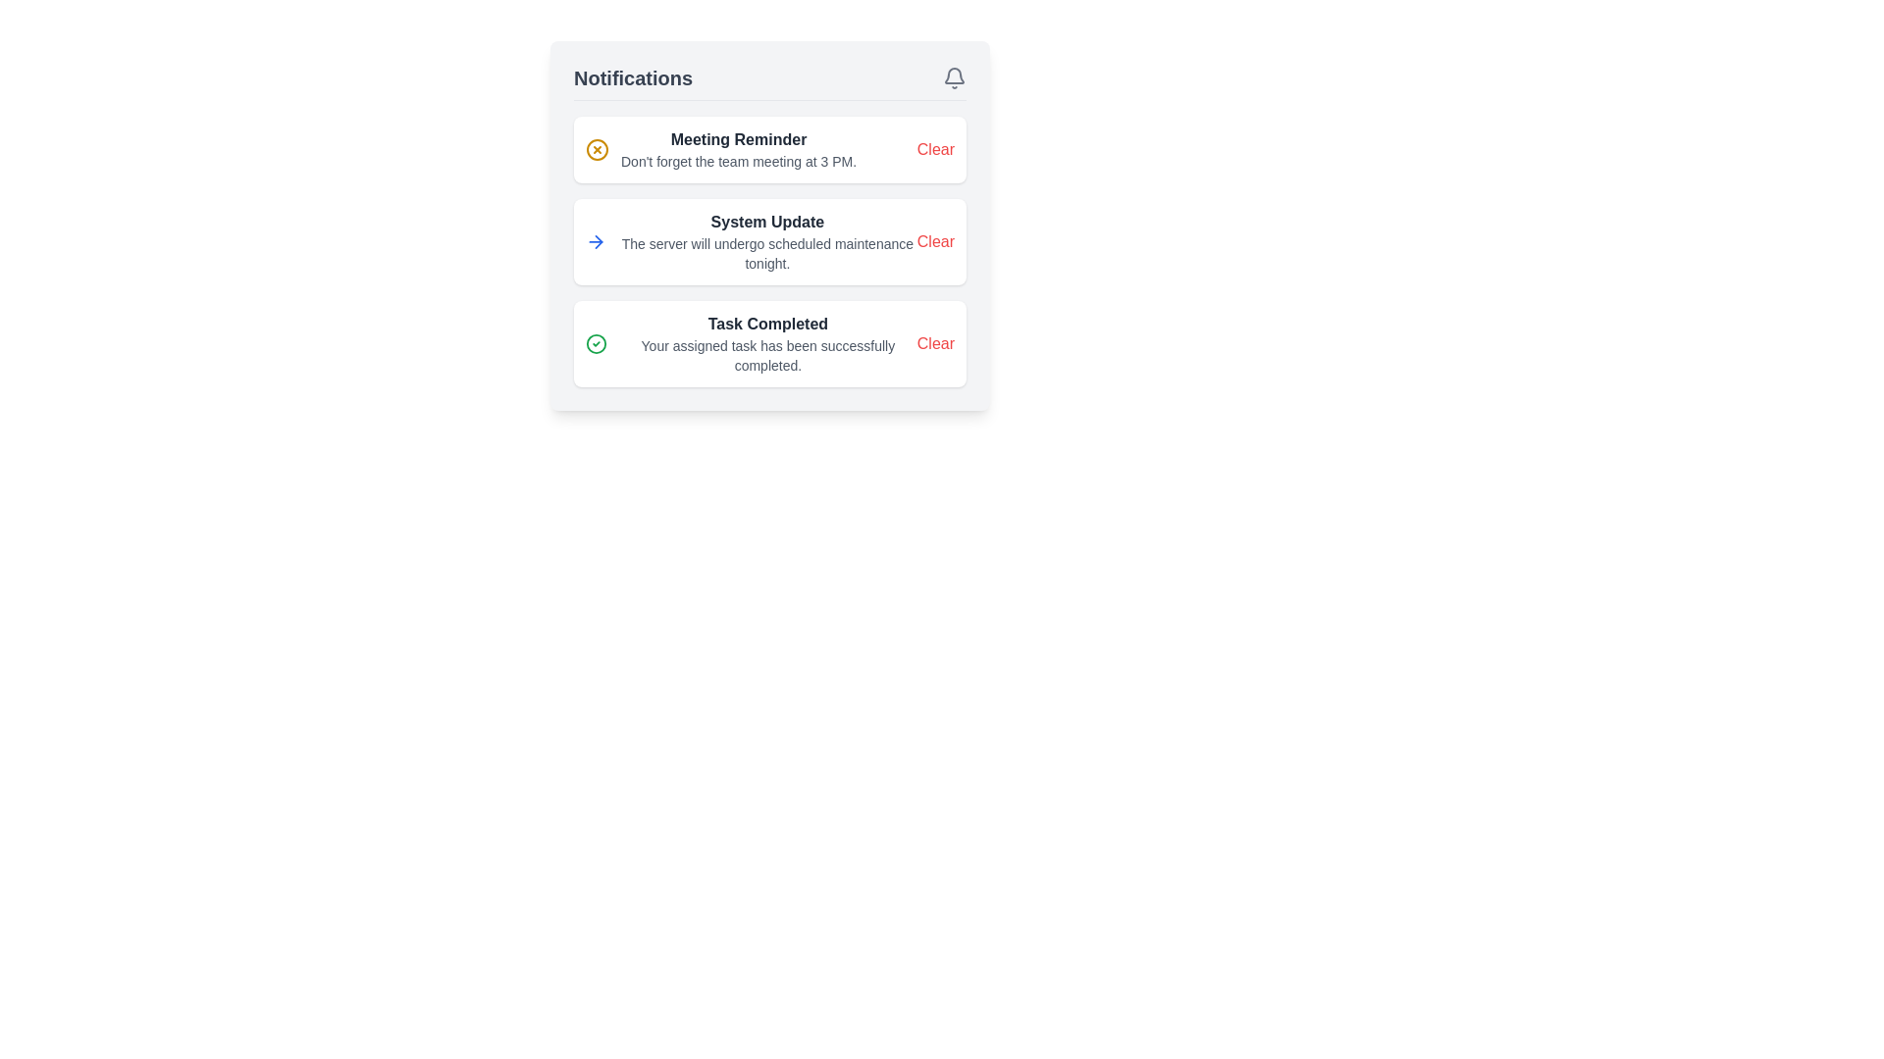  Describe the element at coordinates (766, 343) in the screenshot. I see `notification indicating the completion of a task, which is the third notification in the vertically stacked list below 'System Update.'` at that location.